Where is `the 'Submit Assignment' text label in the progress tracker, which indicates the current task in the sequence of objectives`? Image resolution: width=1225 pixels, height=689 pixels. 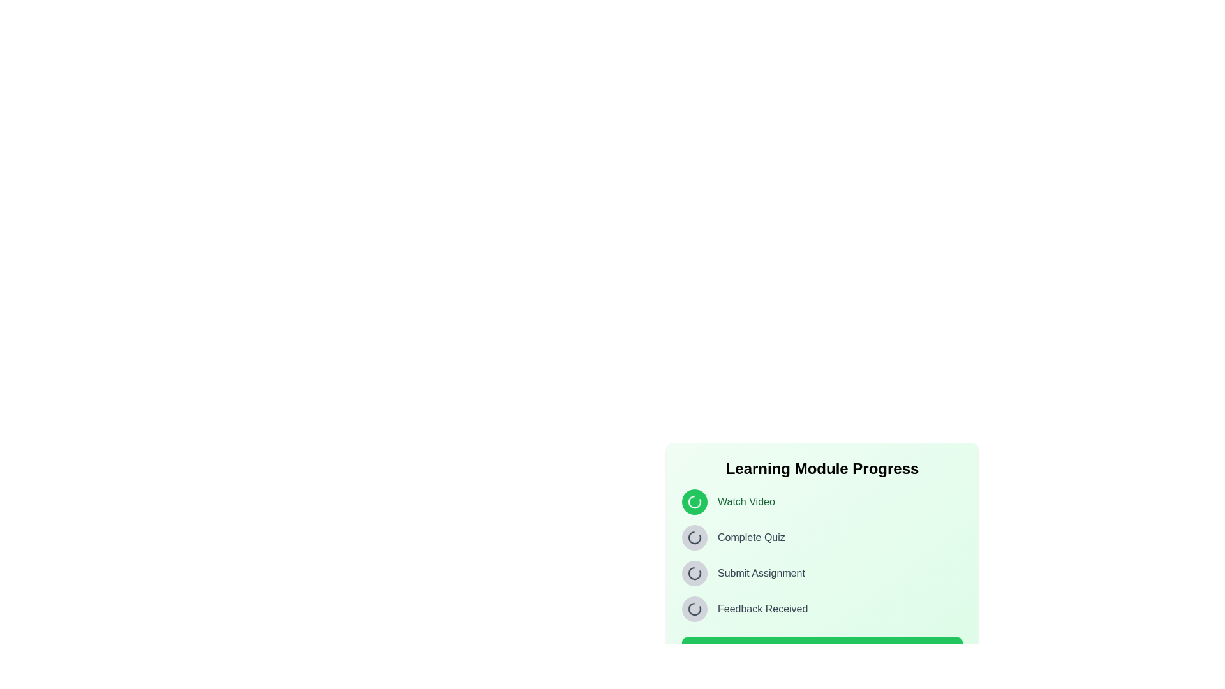 the 'Submit Assignment' text label in the progress tracker, which indicates the current task in the sequence of objectives is located at coordinates (761, 572).